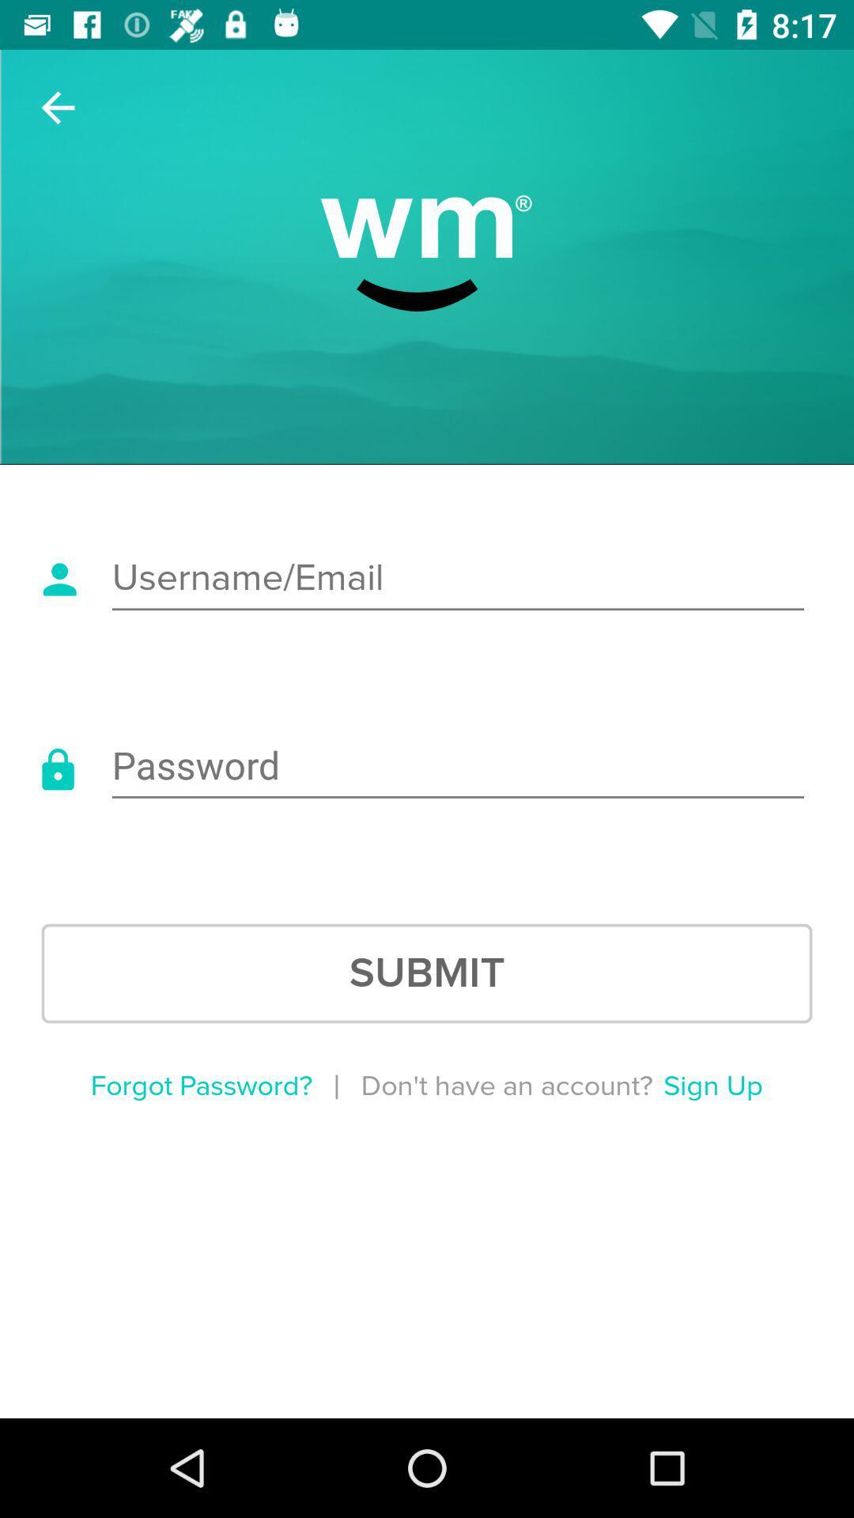  I want to click on item at the top left corner, so click(57, 107).